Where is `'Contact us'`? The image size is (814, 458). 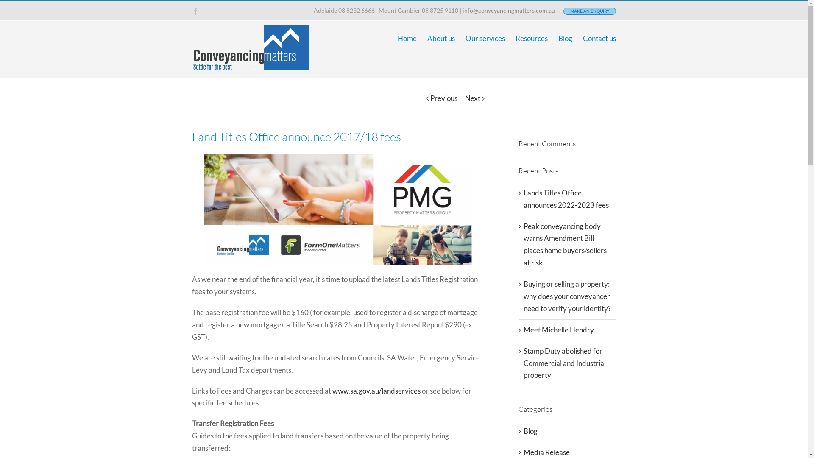
'Contact us' is located at coordinates (598, 38).